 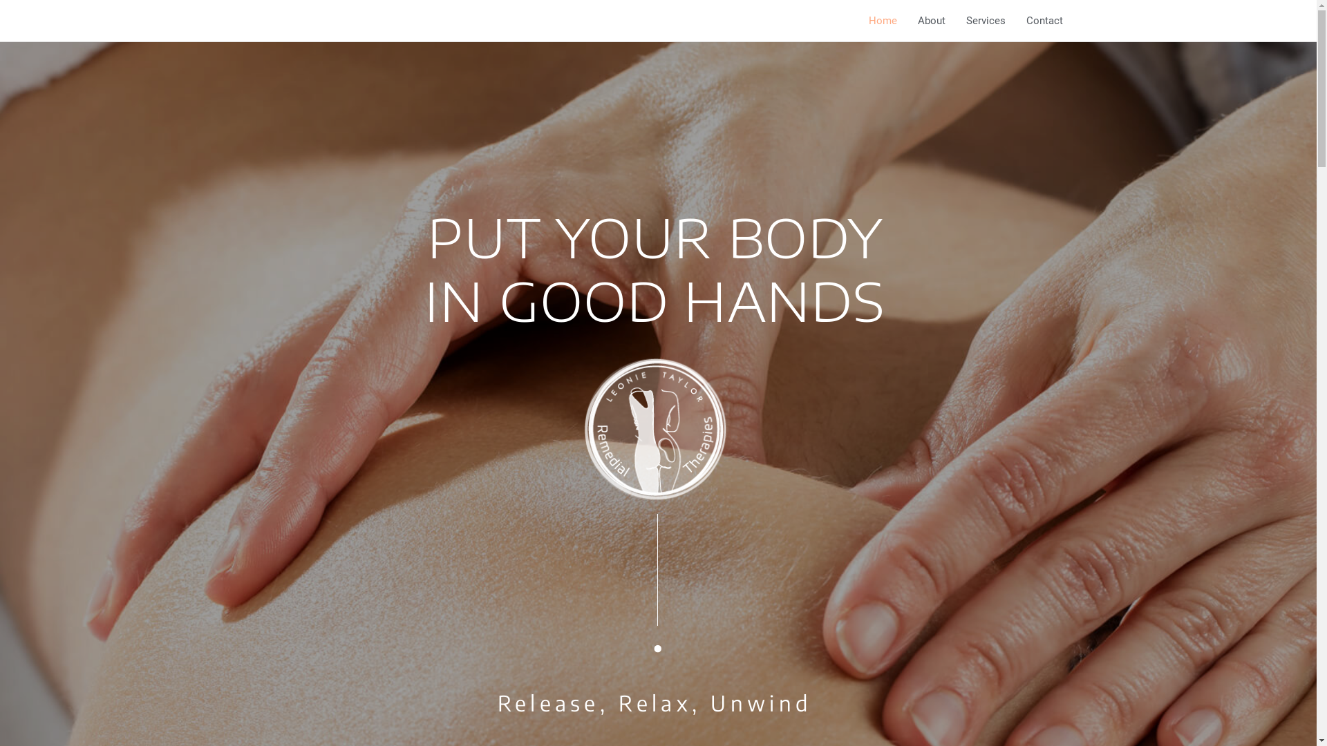 I want to click on 'Home', so click(x=882, y=21).